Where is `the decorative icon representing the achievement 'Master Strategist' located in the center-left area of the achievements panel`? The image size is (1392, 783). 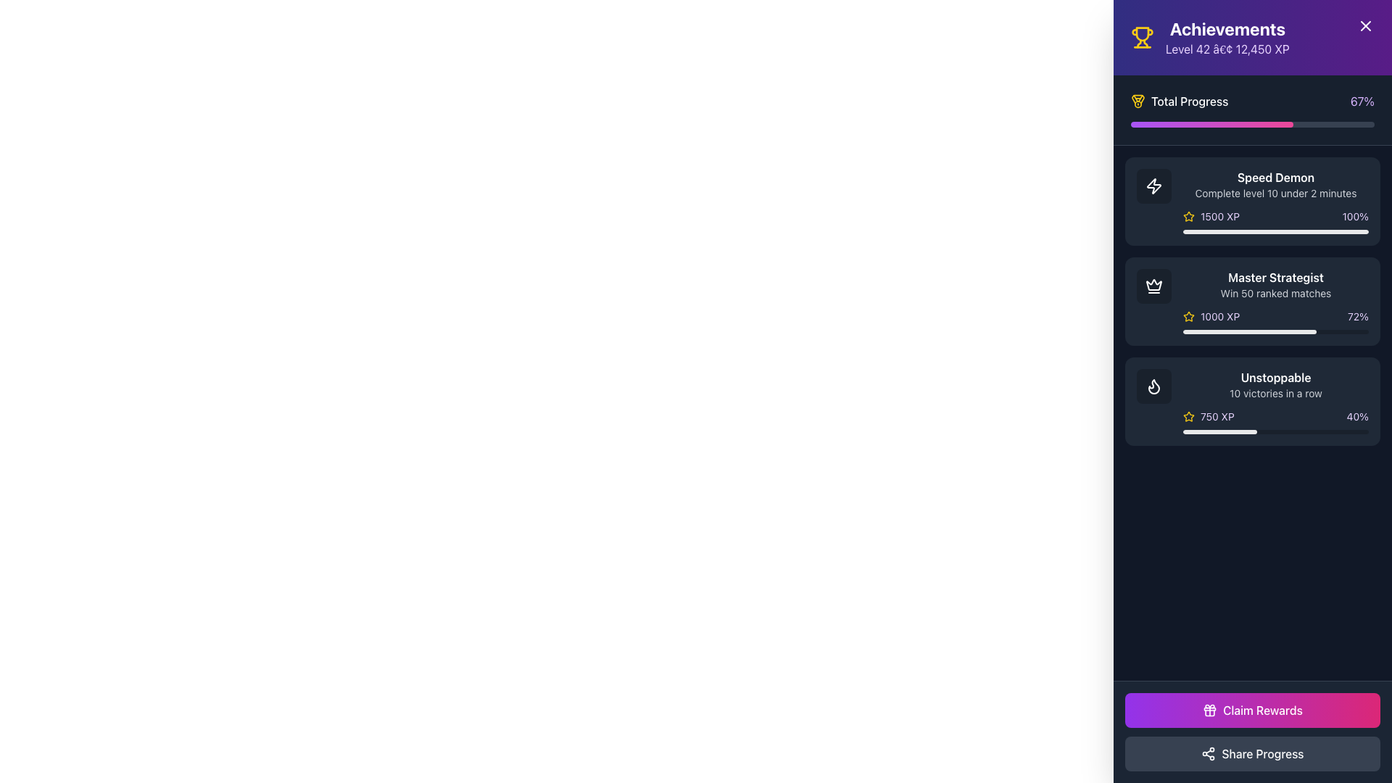 the decorative icon representing the achievement 'Master Strategist' located in the center-left area of the achievements panel is located at coordinates (1153, 285).